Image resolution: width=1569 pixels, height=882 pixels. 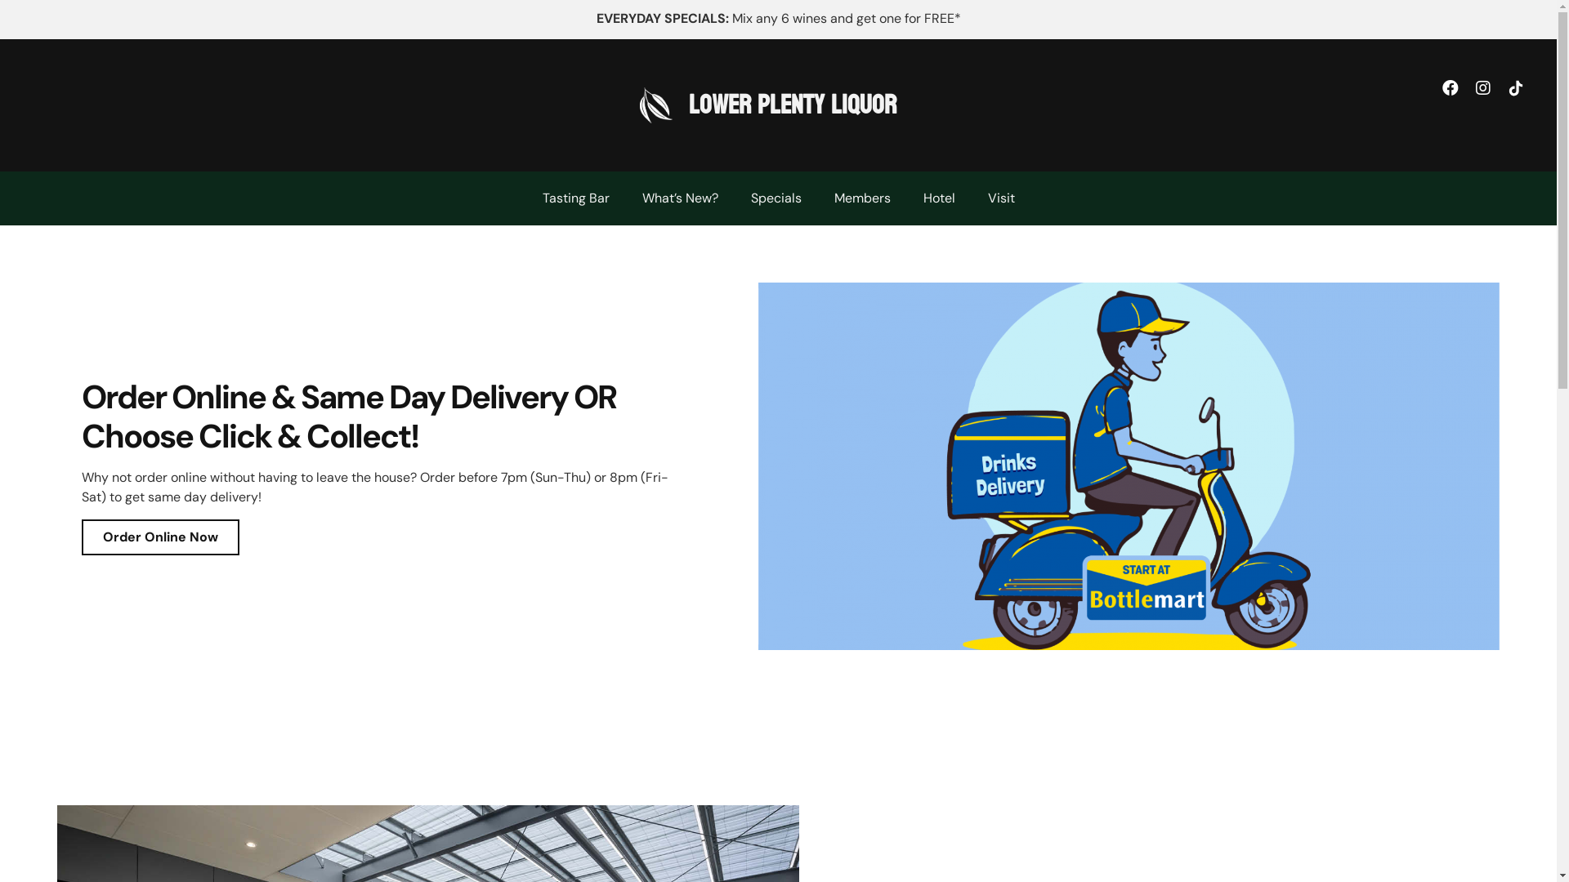 I want to click on 'Specials', so click(x=775, y=198).